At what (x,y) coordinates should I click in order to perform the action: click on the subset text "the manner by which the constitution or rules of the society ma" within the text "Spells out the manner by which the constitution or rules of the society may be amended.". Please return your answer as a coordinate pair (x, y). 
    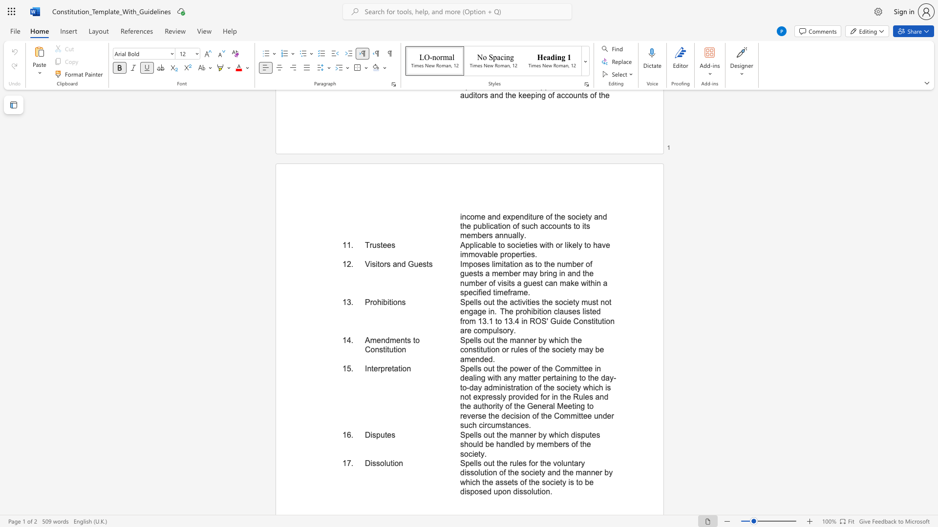
    Looking at the image, I should click on (496, 340).